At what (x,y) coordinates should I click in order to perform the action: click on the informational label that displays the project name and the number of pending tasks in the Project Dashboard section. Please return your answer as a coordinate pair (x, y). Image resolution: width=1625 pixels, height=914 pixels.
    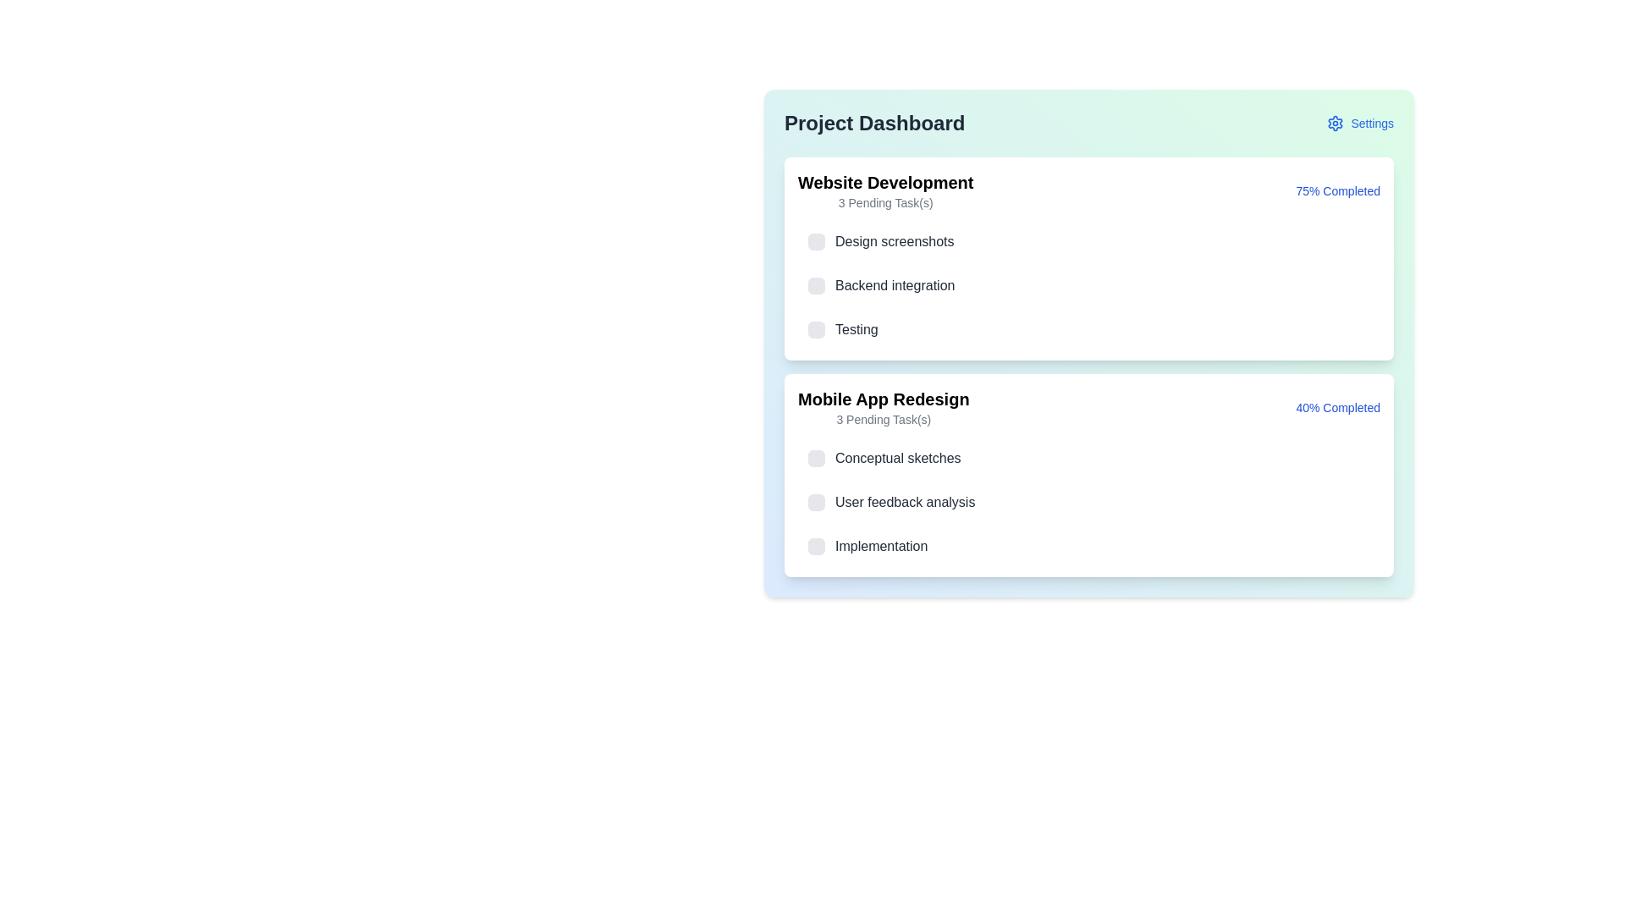
    Looking at the image, I should click on (884, 190).